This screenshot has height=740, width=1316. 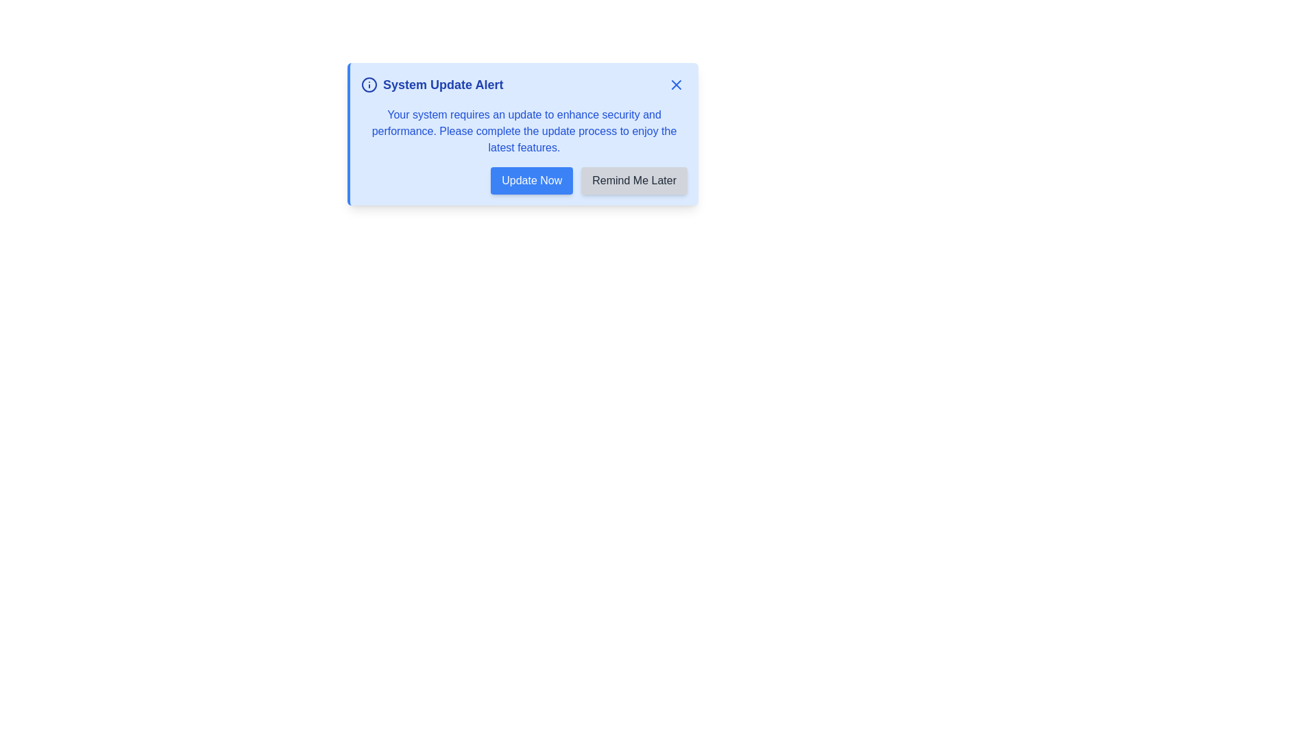 What do you see at coordinates (633, 180) in the screenshot?
I see `the 'Remind Me Later' button, which is a rectangular button with a gray background and centered text, located at the lower right section of the dialog box` at bounding box center [633, 180].